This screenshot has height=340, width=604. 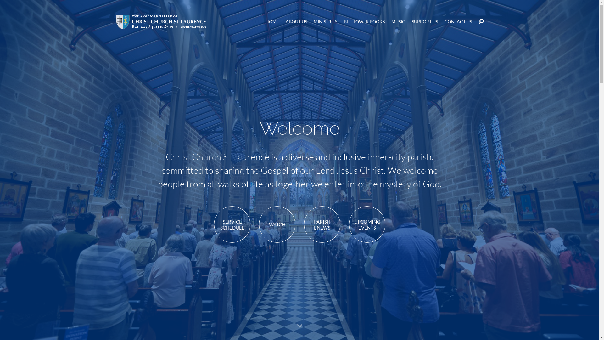 I want to click on 'CONTACT US', so click(x=444, y=21).